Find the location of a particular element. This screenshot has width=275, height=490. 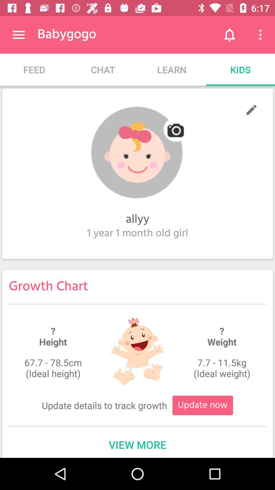

write a comment is located at coordinates (251, 109).